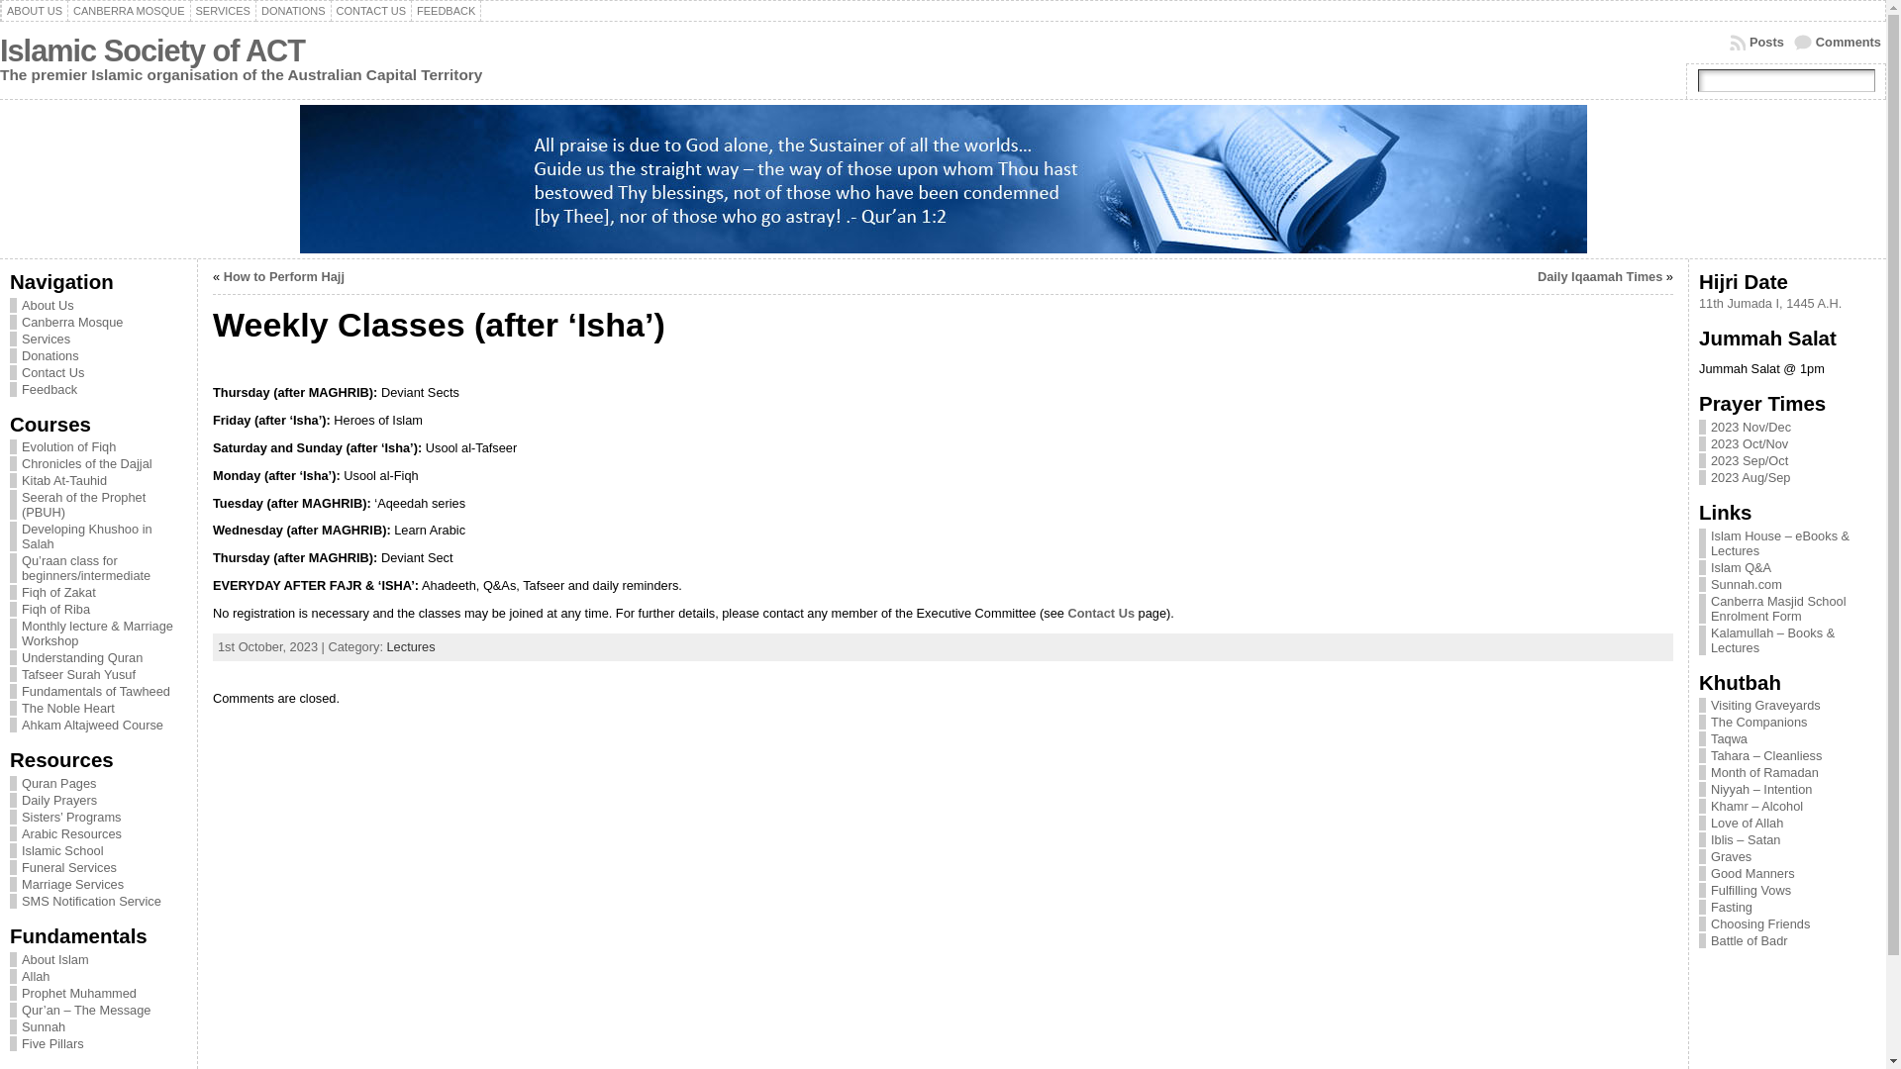 This screenshot has height=1069, width=1901. Describe the element at coordinates (97, 1025) in the screenshot. I see `'Sunnah'` at that location.